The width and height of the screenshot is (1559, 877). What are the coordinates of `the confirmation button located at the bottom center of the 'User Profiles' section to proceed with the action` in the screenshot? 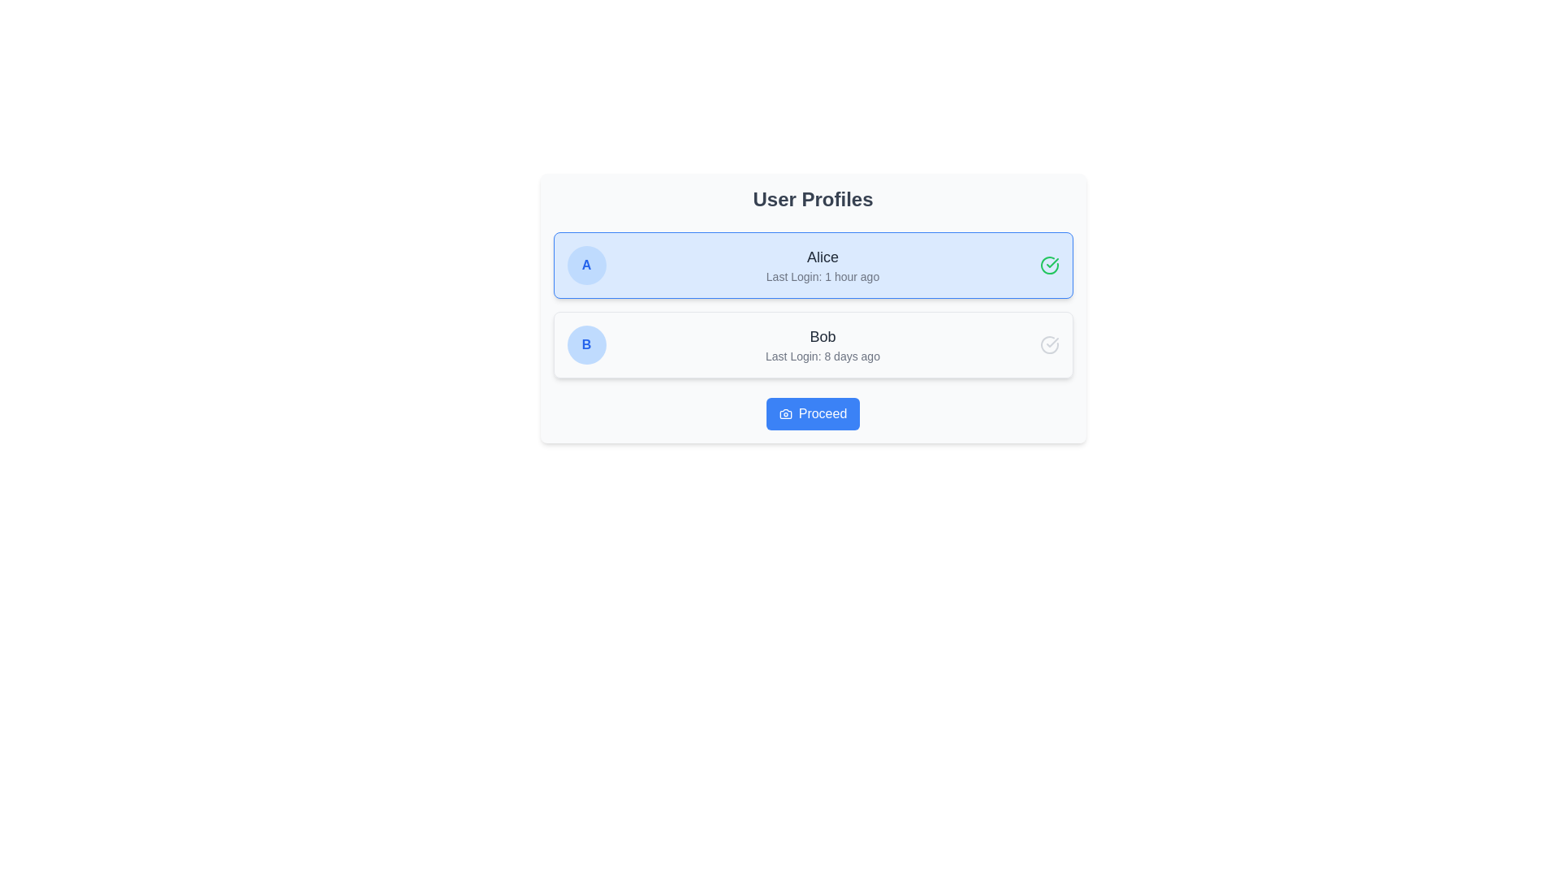 It's located at (813, 413).